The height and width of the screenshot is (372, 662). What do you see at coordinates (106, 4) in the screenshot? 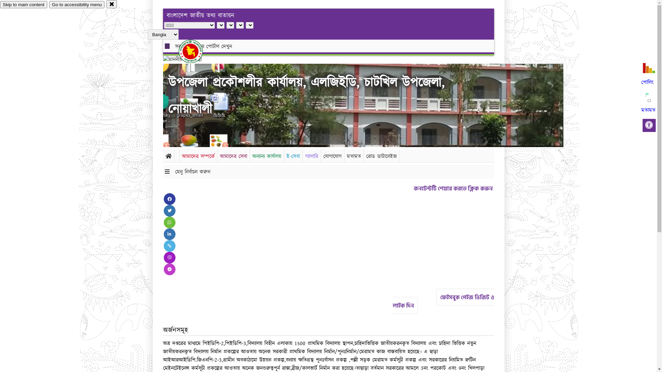
I see `'close'` at bounding box center [106, 4].